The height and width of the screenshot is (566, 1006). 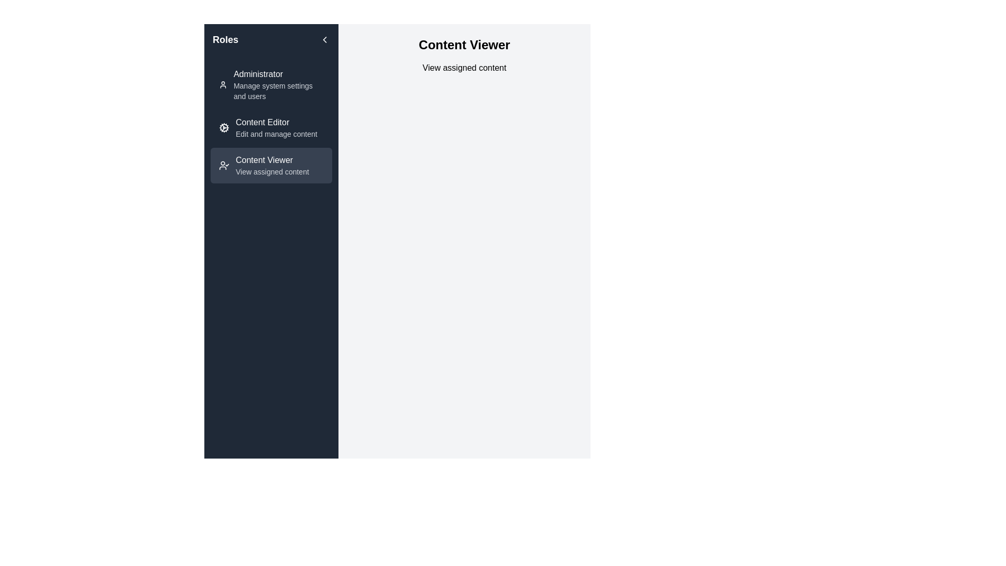 I want to click on the first item in the interactive navigation menu, so click(x=271, y=84).